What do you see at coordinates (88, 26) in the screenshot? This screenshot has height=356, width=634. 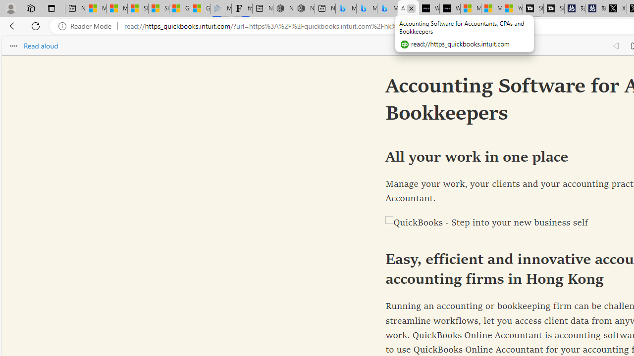 I see `'Reader Mode'` at bounding box center [88, 26].